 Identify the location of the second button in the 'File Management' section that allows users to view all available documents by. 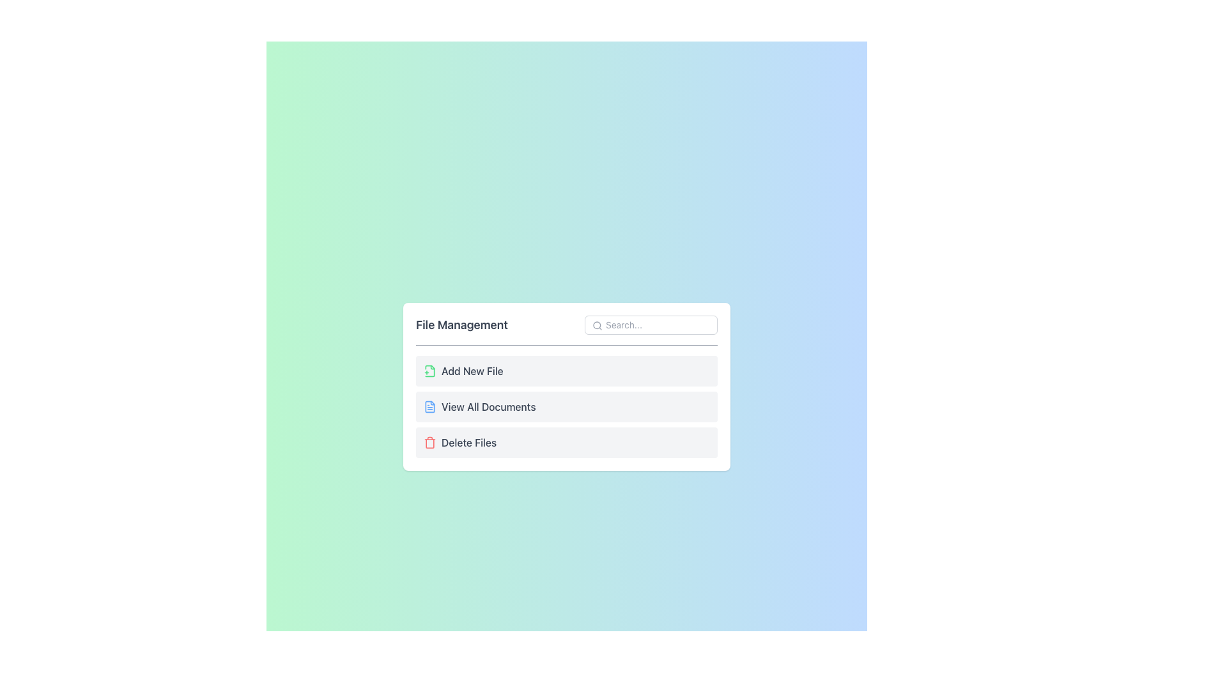
(566, 386).